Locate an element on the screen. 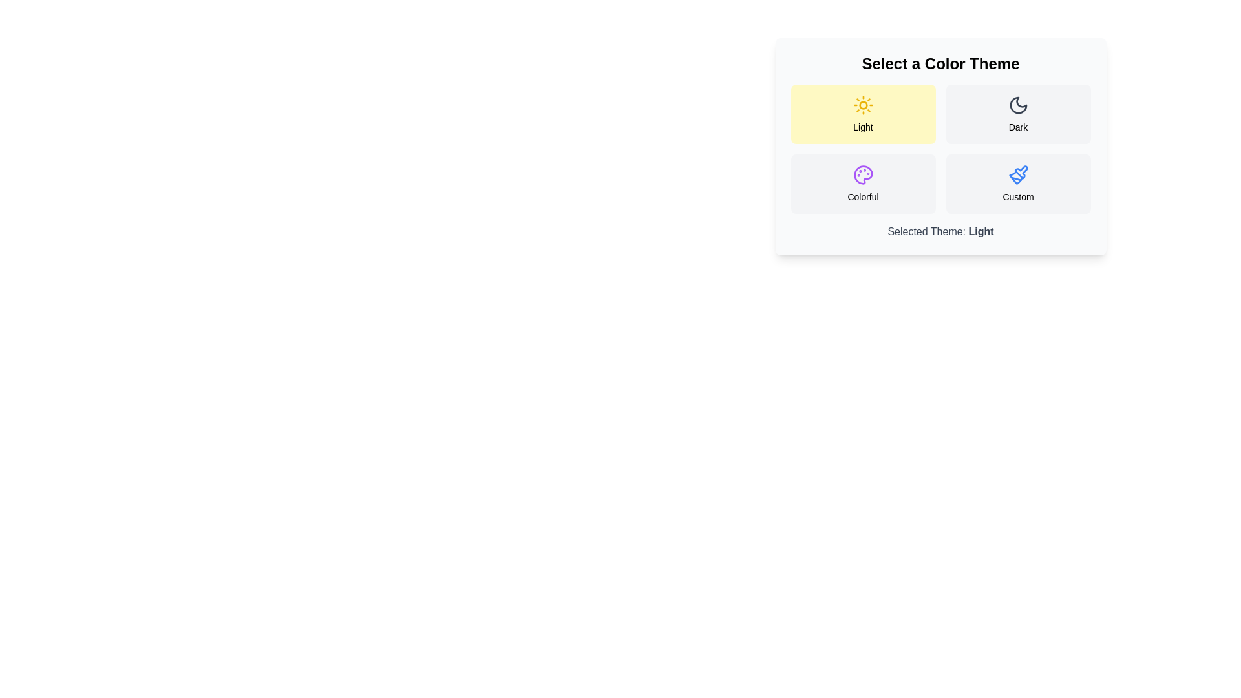  the theme button labeled 'Custom' to observe its hover effect is located at coordinates (1017, 184).